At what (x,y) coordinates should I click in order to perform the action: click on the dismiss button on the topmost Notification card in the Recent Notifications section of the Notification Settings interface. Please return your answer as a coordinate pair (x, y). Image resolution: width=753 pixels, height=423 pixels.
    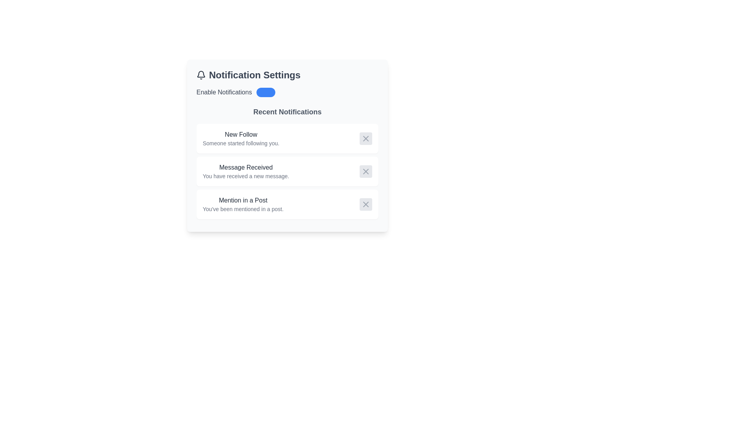
    Looking at the image, I should click on (287, 138).